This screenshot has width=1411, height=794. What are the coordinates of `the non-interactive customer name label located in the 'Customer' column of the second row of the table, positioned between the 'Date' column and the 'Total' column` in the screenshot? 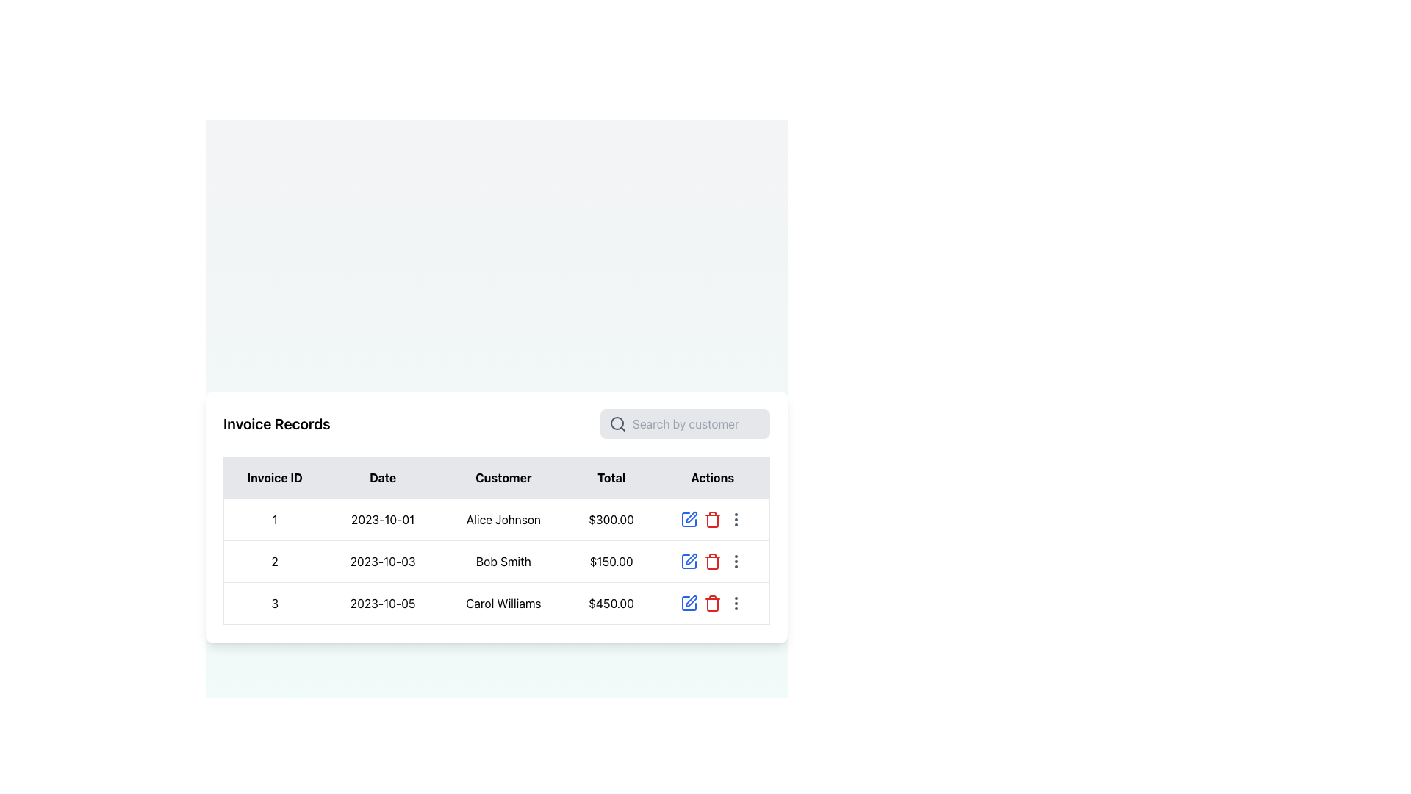 It's located at (503, 561).